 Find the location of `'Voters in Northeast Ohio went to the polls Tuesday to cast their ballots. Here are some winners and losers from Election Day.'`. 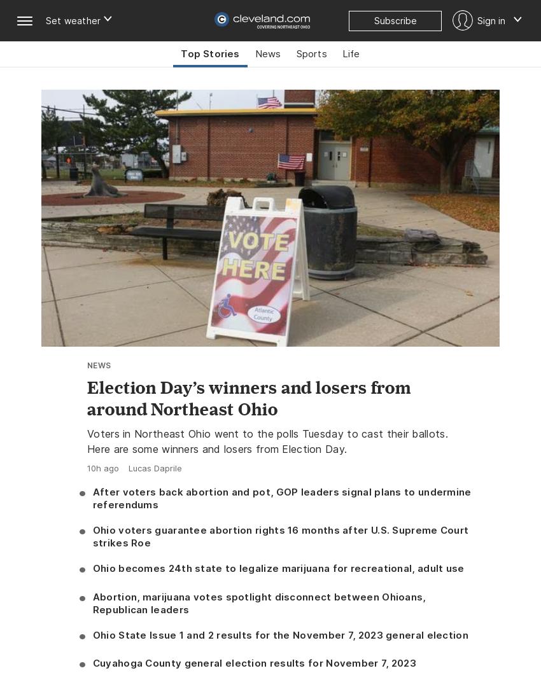

'Voters in Northeast Ohio went to the polls Tuesday to cast their ballots. Here are some winners and losers from Election Day.' is located at coordinates (87, 440).